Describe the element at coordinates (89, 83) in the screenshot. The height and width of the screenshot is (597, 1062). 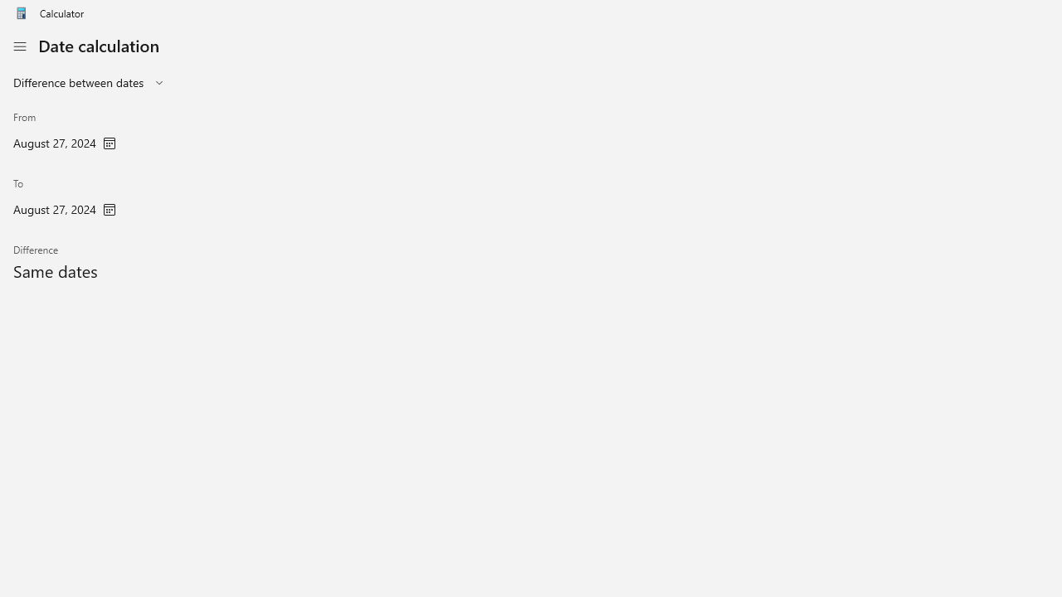
I see `'Calculation mode'` at that location.